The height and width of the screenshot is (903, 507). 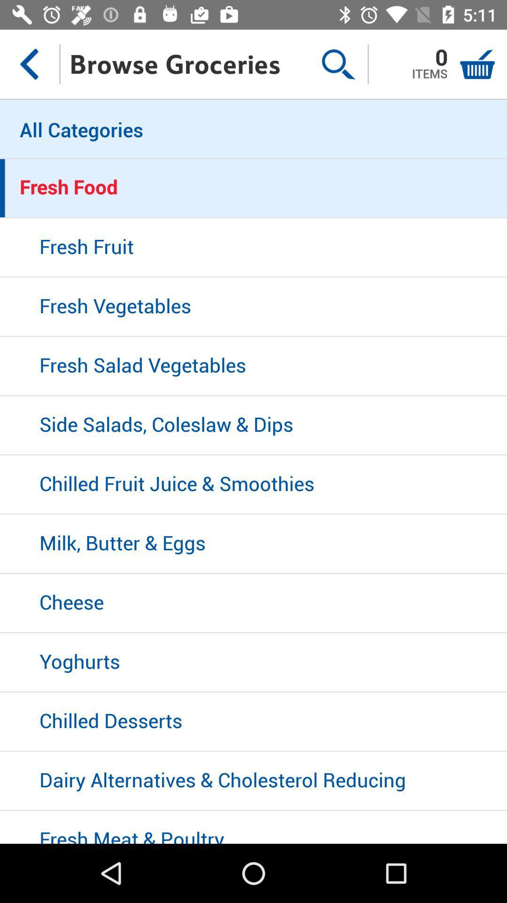 I want to click on icon above milk, butter & eggs item, so click(x=253, y=485).